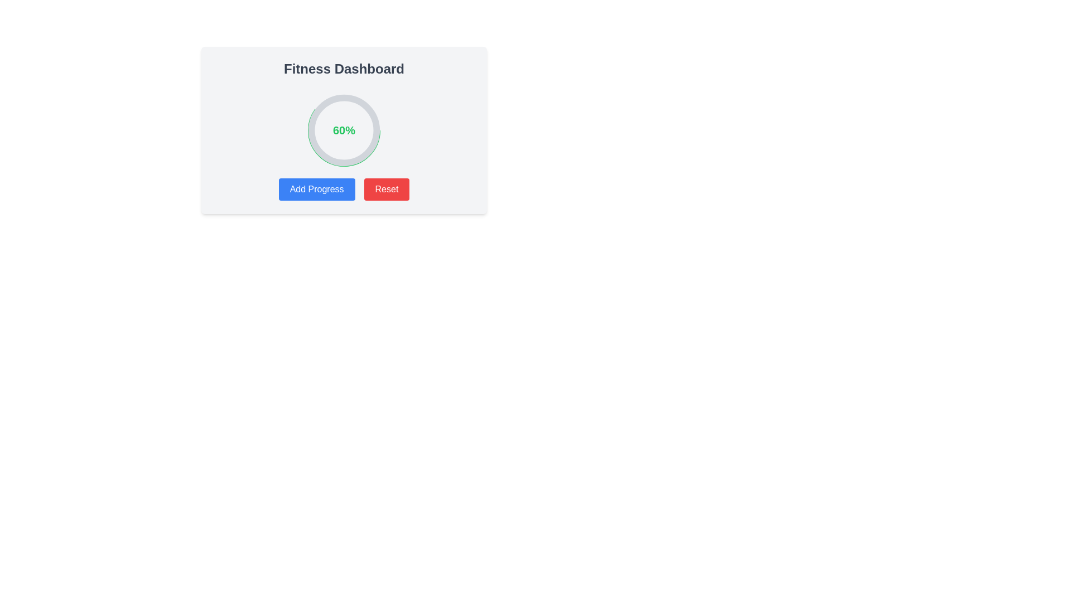 This screenshot has height=602, width=1071. What do you see at coordinates (343, 188) in the screenshot?
I see `the button located at the bottom center of a white card, which allows the user to add progress to the displayed metric` at bounding box center [343, 188].